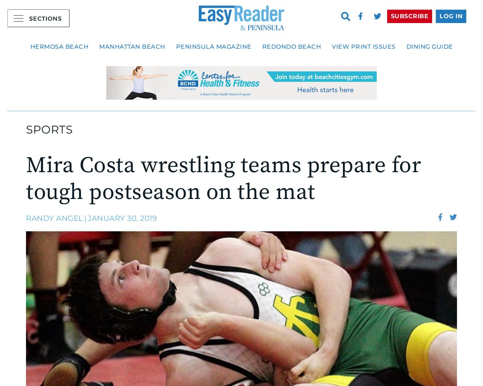  What do you see at coordinates (291, 46) in the screenshot?
I see `'Redondo Beach'` at bounding box center [291, 46].